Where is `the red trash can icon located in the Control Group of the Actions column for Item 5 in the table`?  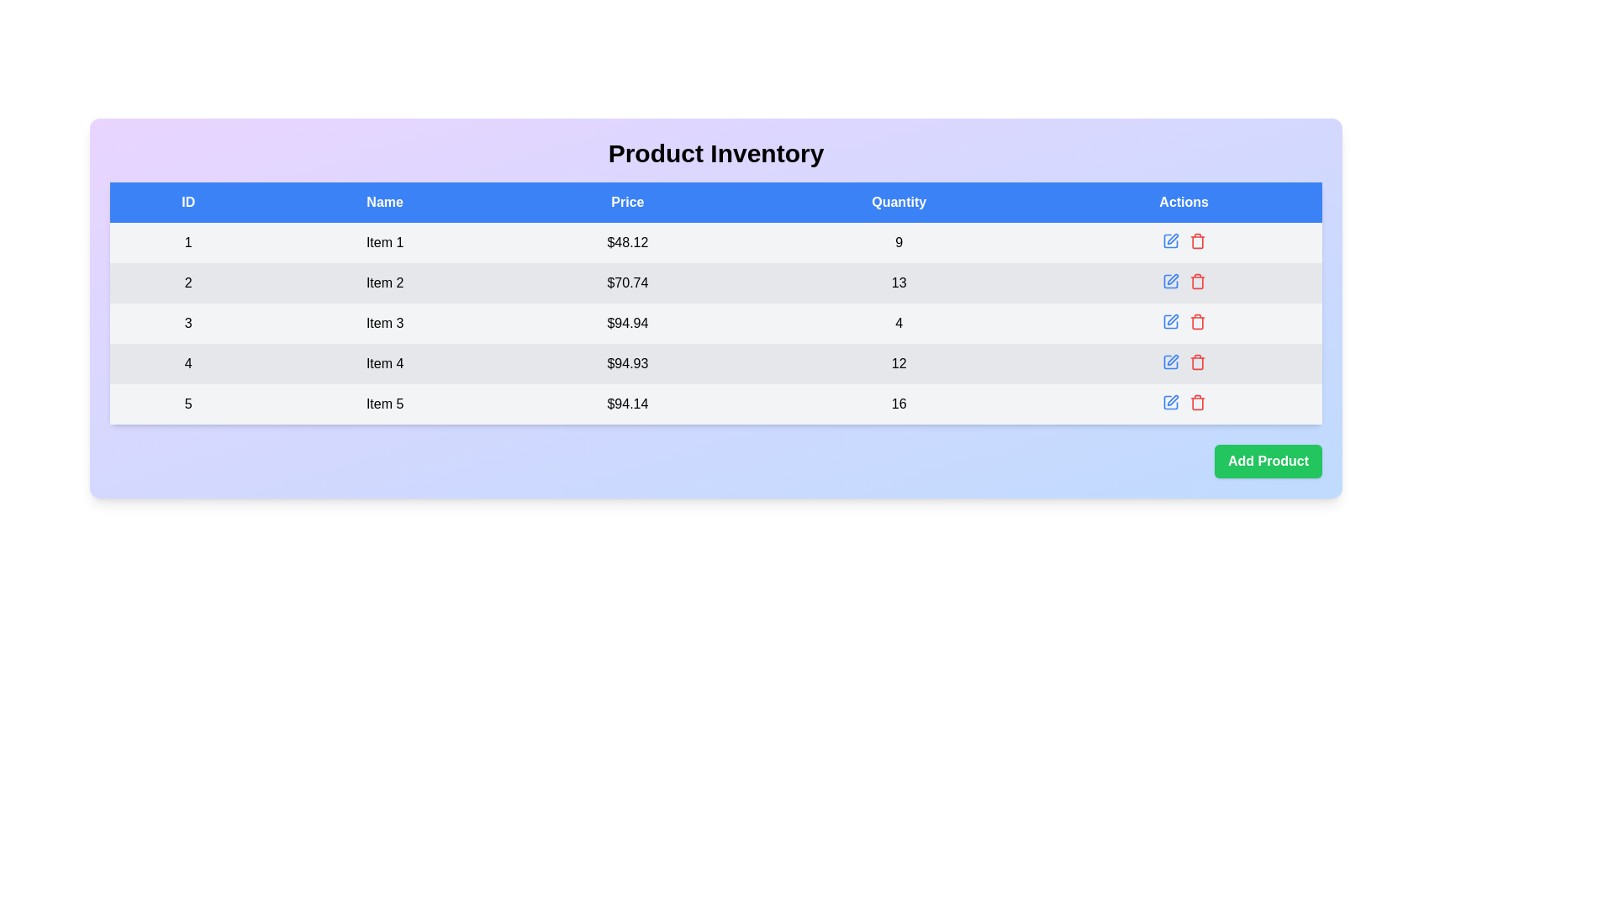 the red trash can icon located in the Control Group of the Actions column for Item 5 in the table is located at coordinates (1183, 402).